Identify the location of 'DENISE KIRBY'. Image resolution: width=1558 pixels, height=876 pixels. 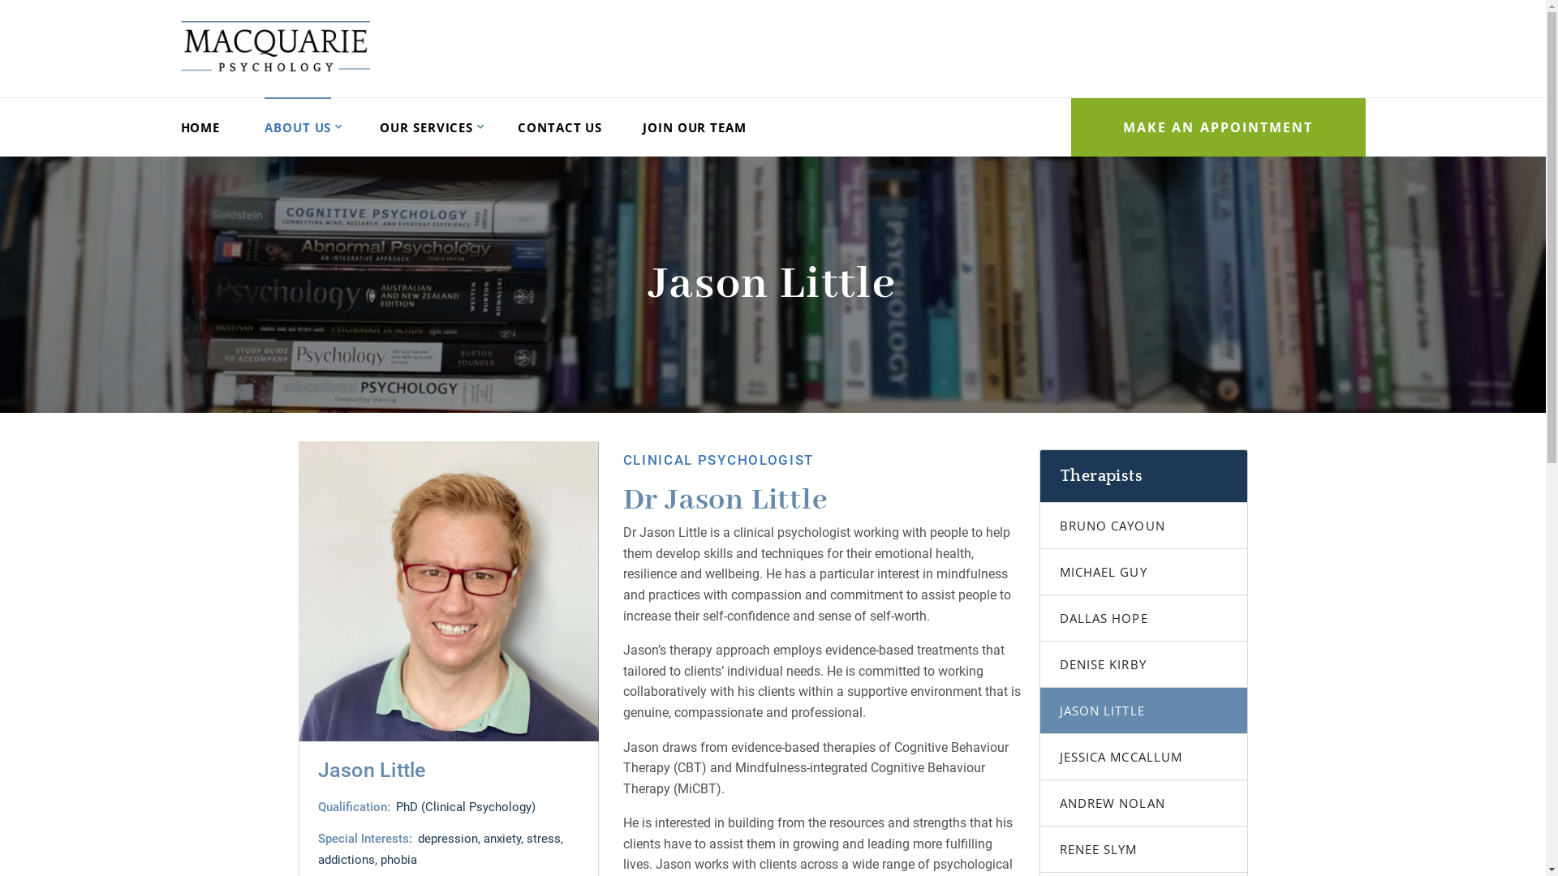
(1039, 664).